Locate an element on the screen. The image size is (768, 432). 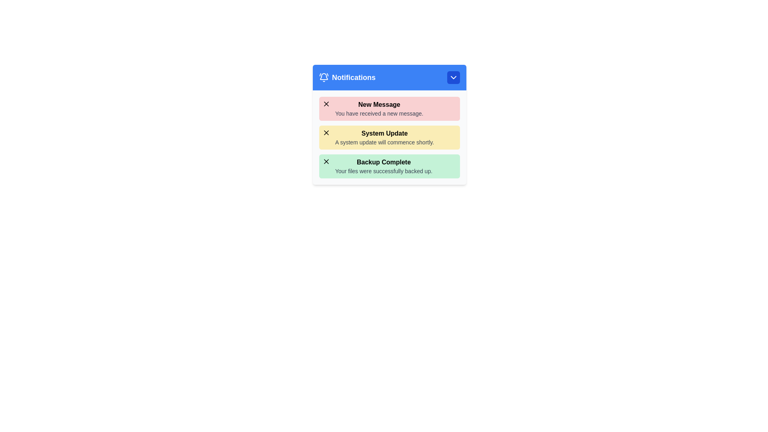
the black outlined 'X' button on the red background is located at coordinates (326, 103).